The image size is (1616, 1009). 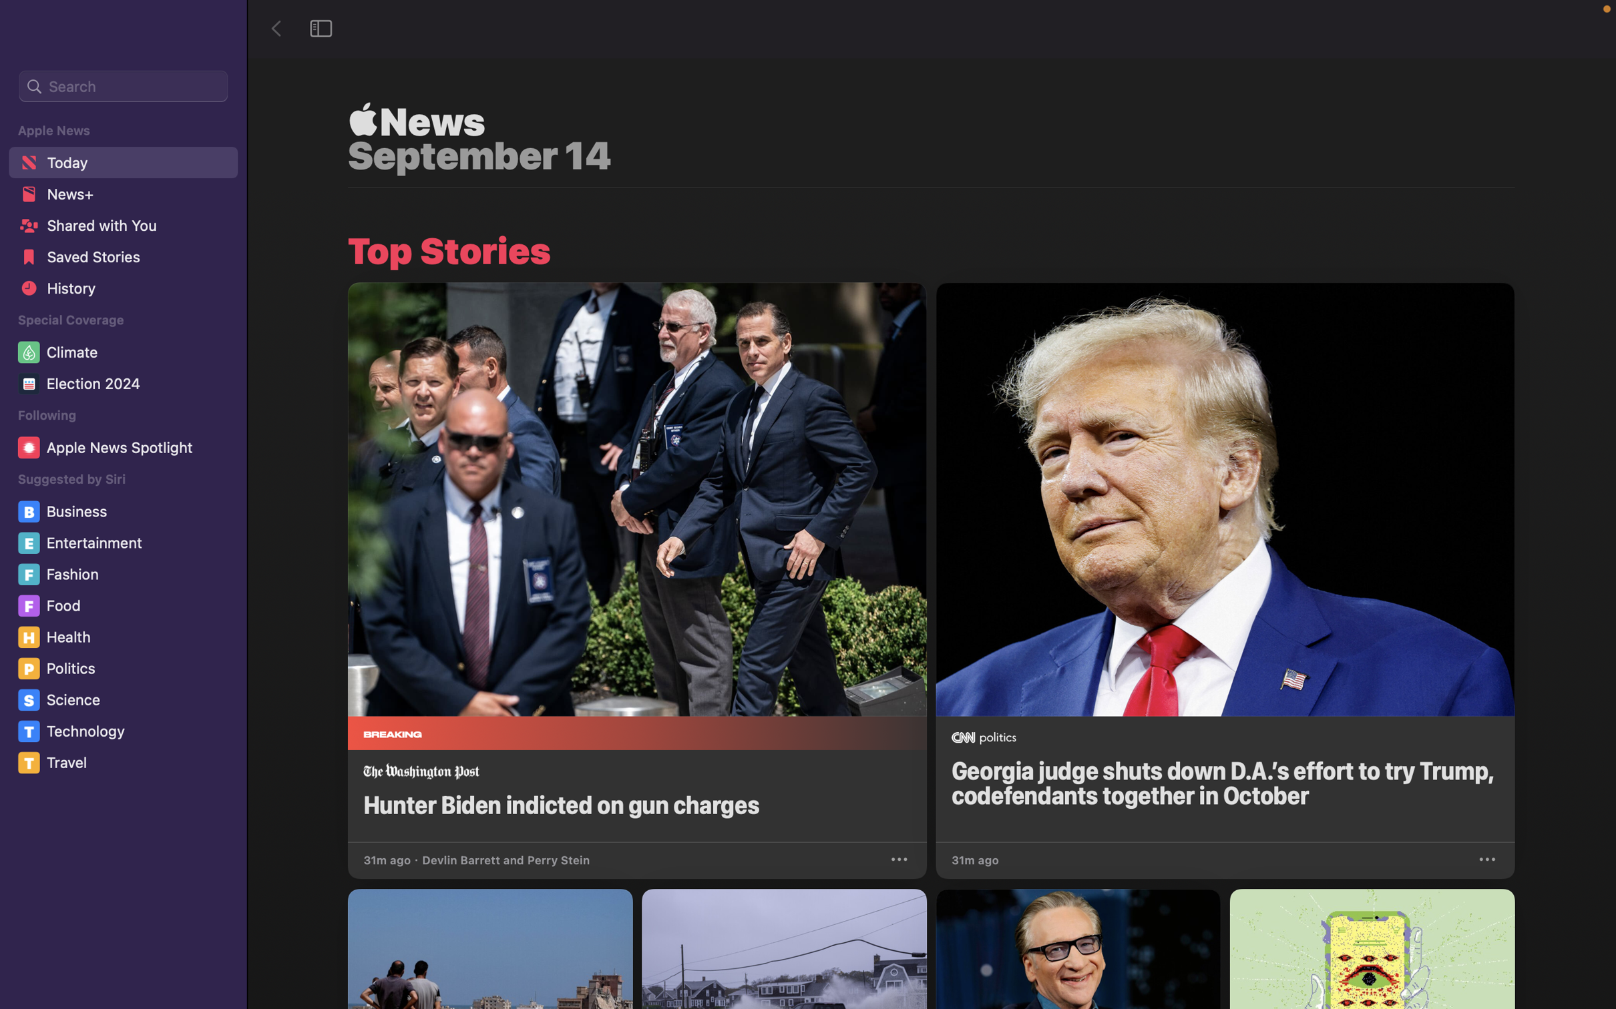 What do you see at coordinates (322, 27) in the screenshot?
I see `the sidebar menu` at bounding box center [322, 27].